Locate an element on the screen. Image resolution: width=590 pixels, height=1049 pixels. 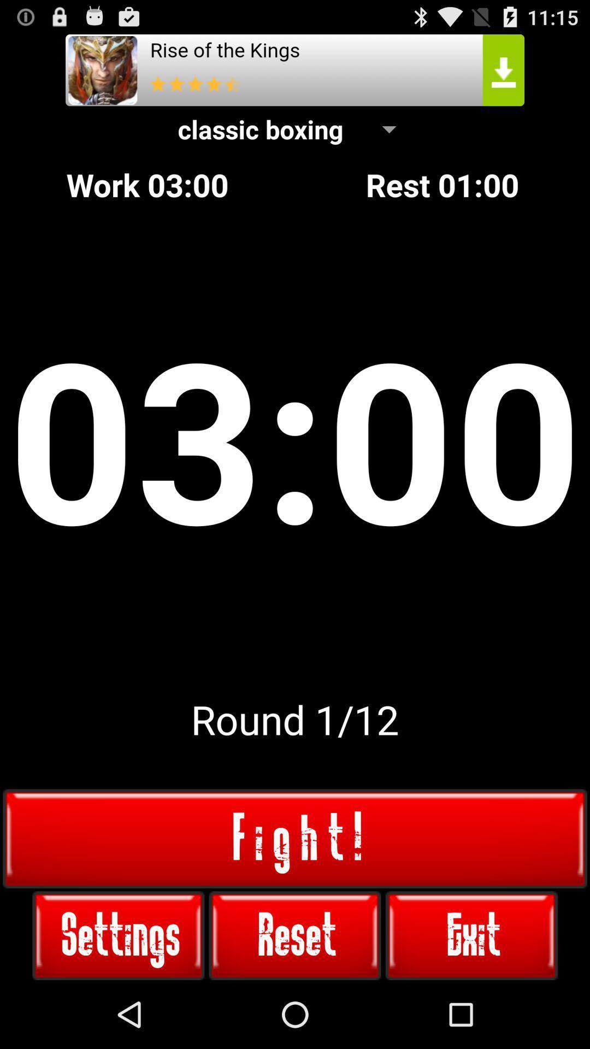
open advertisement is located at coordinates (295, 69).